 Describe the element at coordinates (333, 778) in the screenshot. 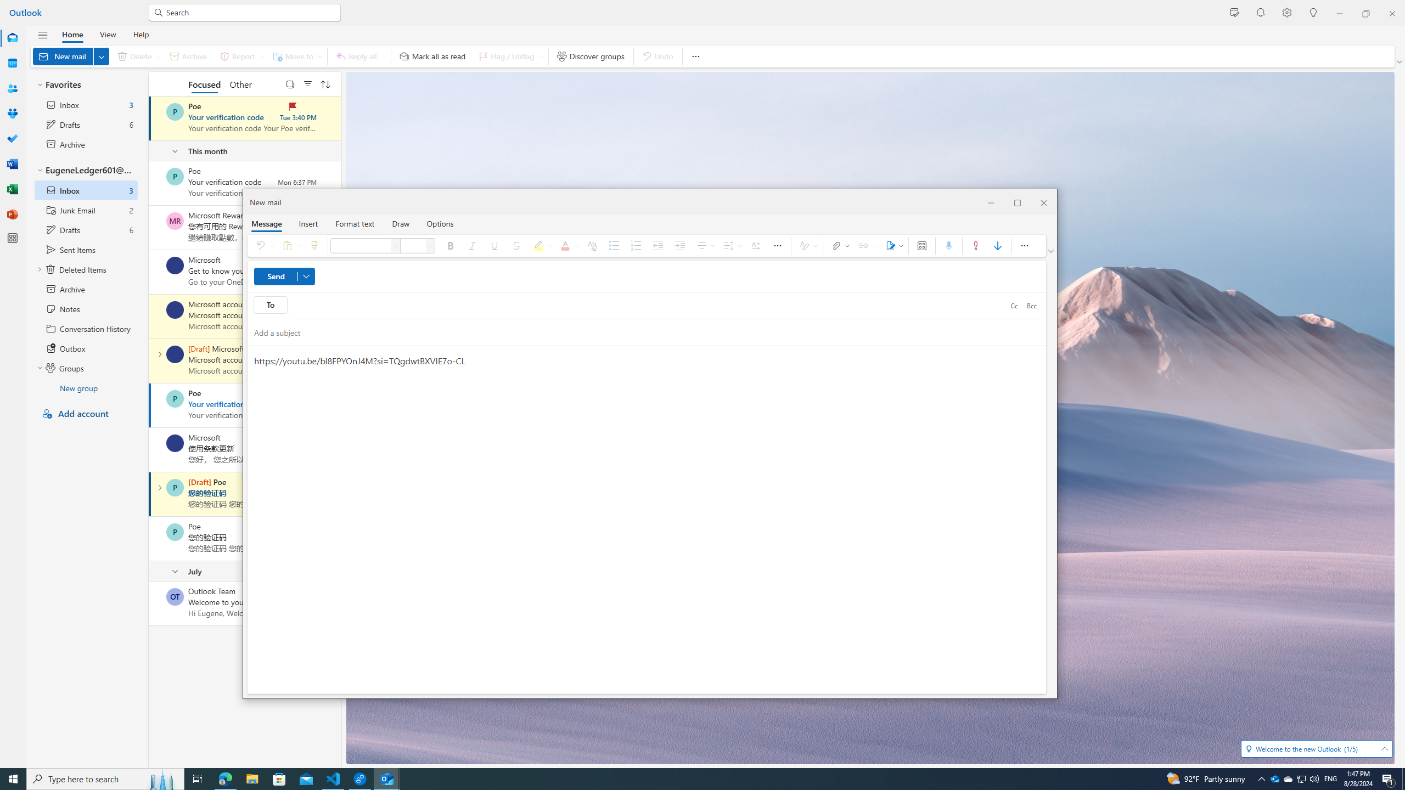

I see `'Visual Studio Code - 1 running window'` at that location.